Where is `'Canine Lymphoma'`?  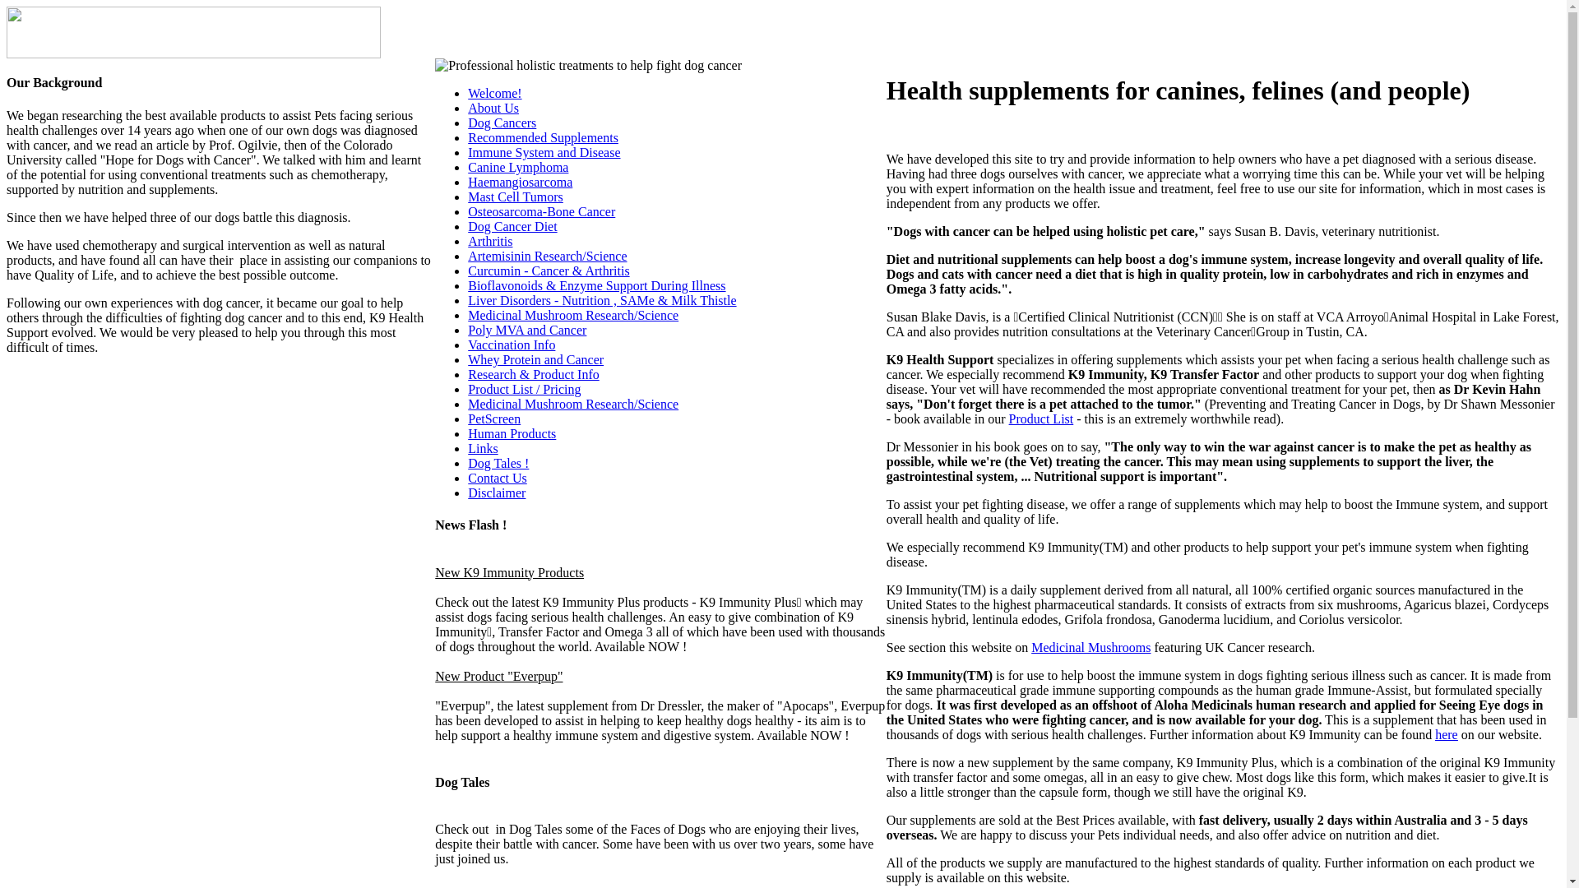 'Canine Lymphoma' is located at coordinates (516, 167).